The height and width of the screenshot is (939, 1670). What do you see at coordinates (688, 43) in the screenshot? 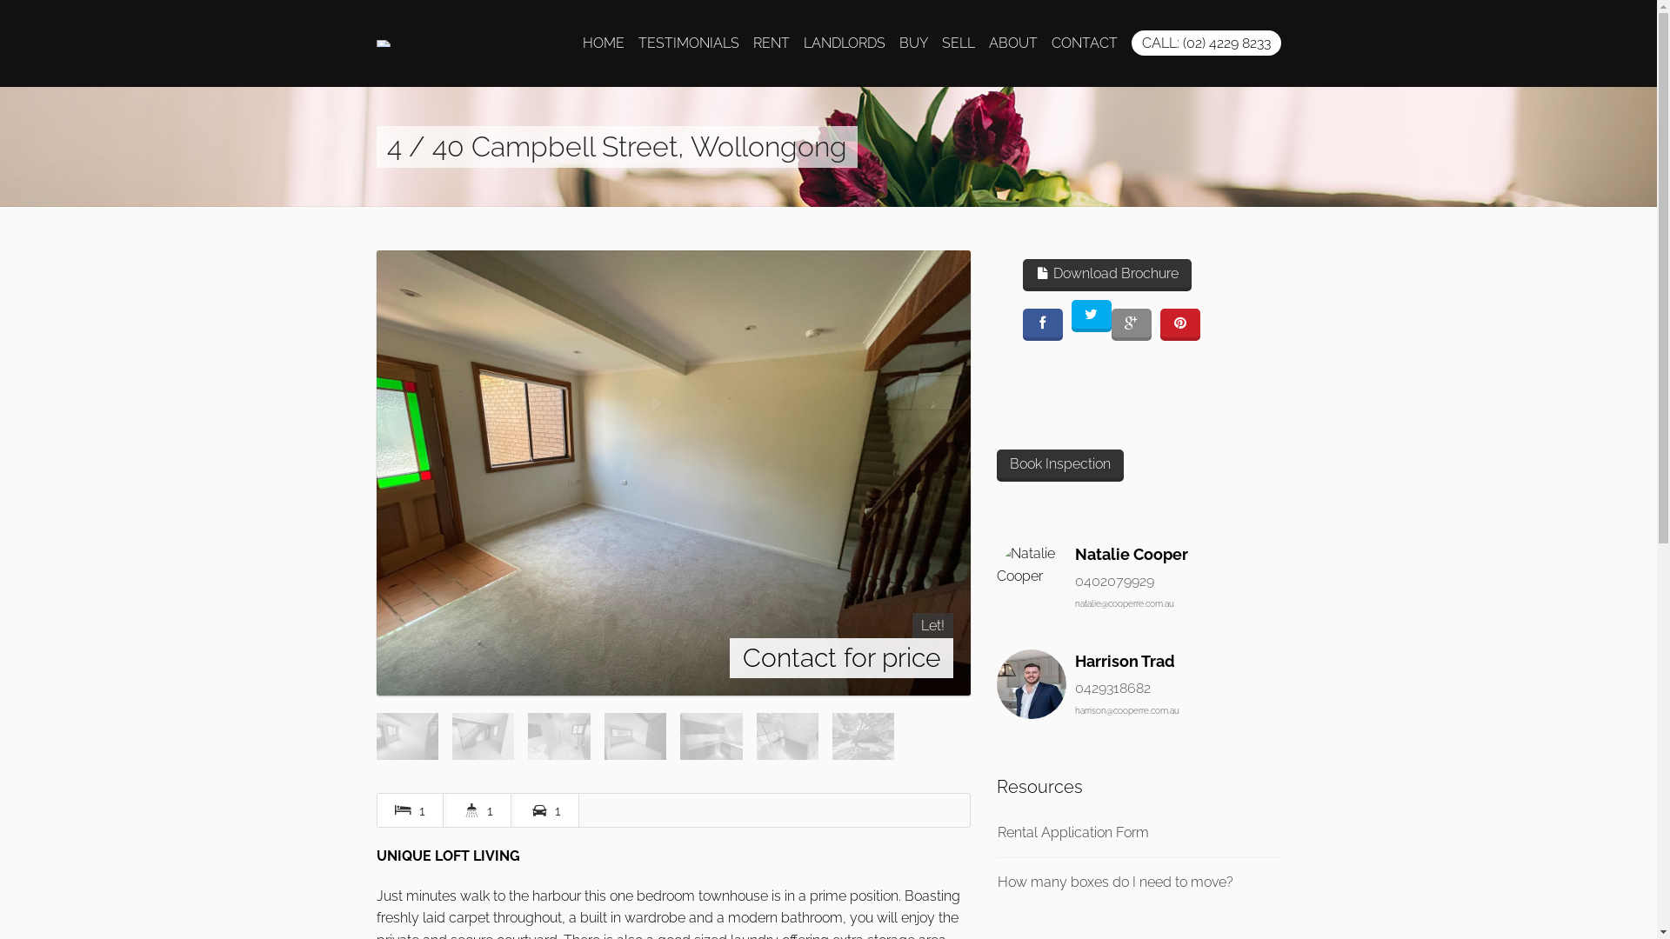
I see `'TESTIMONIALS'` at bounding box center [688, 43].